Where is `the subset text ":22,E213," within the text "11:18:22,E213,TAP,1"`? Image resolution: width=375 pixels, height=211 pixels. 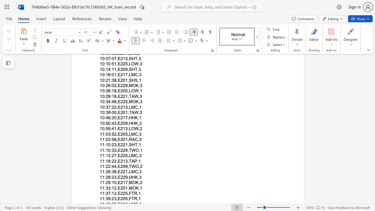 the subset text ":22,E213," within the text "11:18:22,E213,TAP,1" is located at coordinates (110, 161).